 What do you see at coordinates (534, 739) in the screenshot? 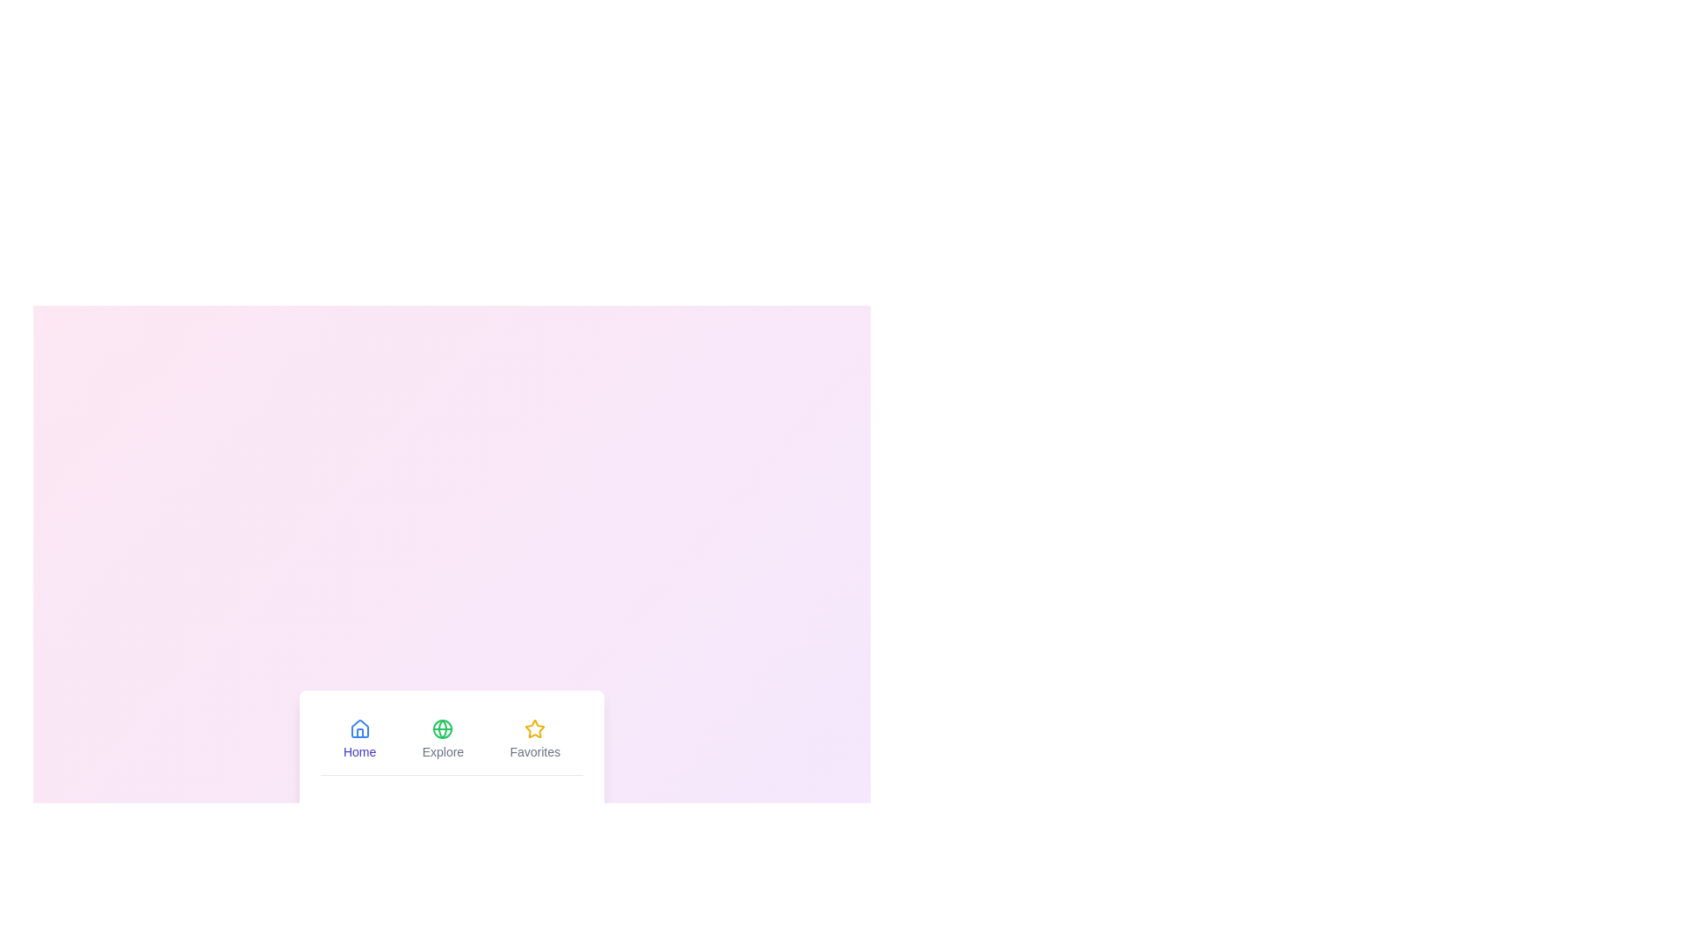
I see `the Favorites tab to switch to it` at bounding box center [534, 739].